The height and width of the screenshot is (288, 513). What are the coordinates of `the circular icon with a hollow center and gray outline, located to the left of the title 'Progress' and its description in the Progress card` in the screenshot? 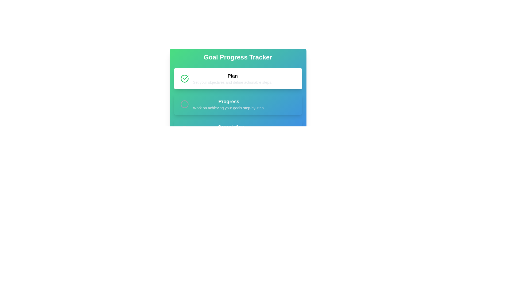 It's located at (184, 104).